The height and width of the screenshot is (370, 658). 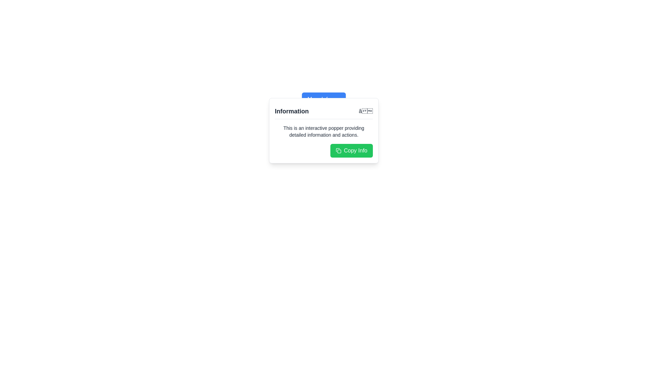 What do you see at coordinates (338, 150) in the screenshot?
I see `the 'Copy Info' button which features a 'Copy' symbol icon made of two overlapping rectangles, located at the bottom-right corner of the pop-up informational card` at bounding box center [338, 150].